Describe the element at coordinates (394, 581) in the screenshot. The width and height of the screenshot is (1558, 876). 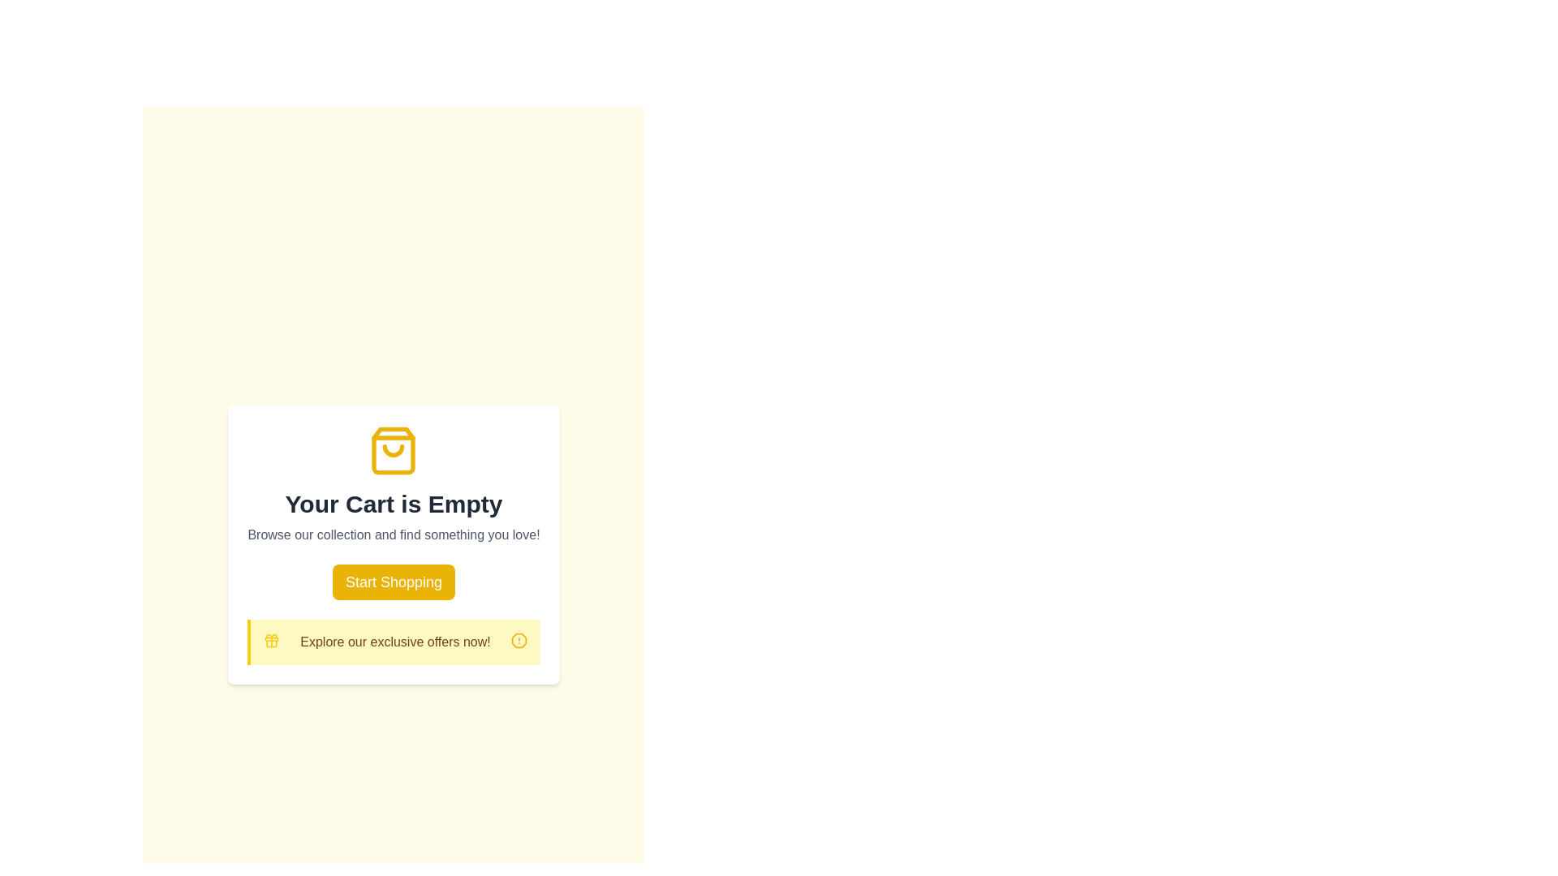
I see `the bright yellow 'Start Shopping' button with rounded corners to trigger visual feedback` at that location.